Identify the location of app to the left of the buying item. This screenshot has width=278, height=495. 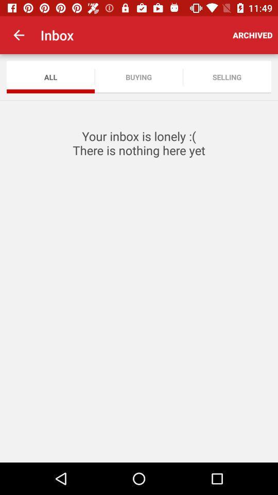
(50, 76).